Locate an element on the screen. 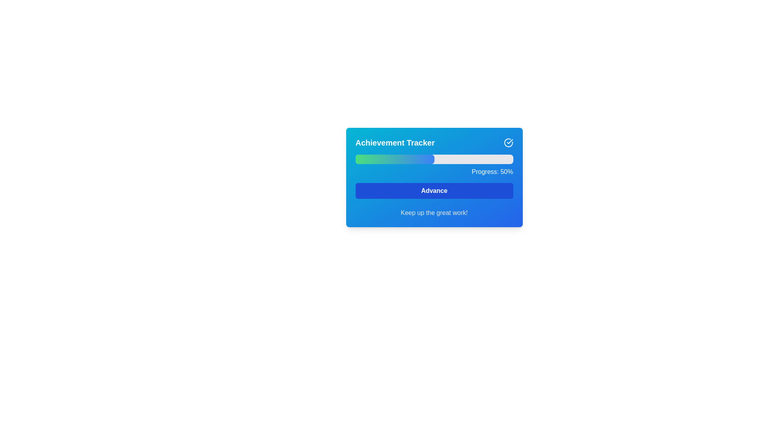  the button in the 'Achievement Tracker' card to observe its hover effect, which is located directly above the text 'Keep up the great work!' is located at coordinates (434, 191).